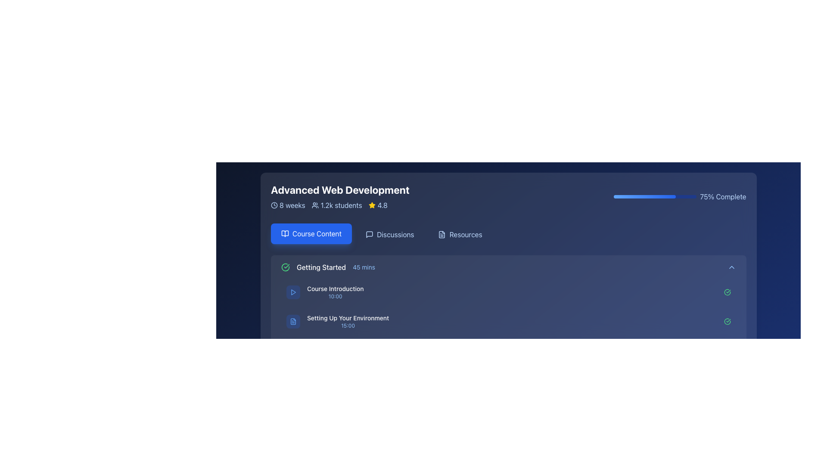  What do you see at coordinates (288, 205) in the screenshot?
I see `the informational label displaying '8 weeks' which indicates the estimated duration for the associated content, located in the top section of the card layout` at bounding box center [288, 205].